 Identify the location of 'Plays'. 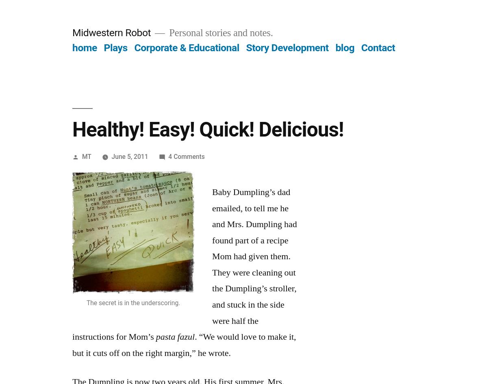
(115, 47).